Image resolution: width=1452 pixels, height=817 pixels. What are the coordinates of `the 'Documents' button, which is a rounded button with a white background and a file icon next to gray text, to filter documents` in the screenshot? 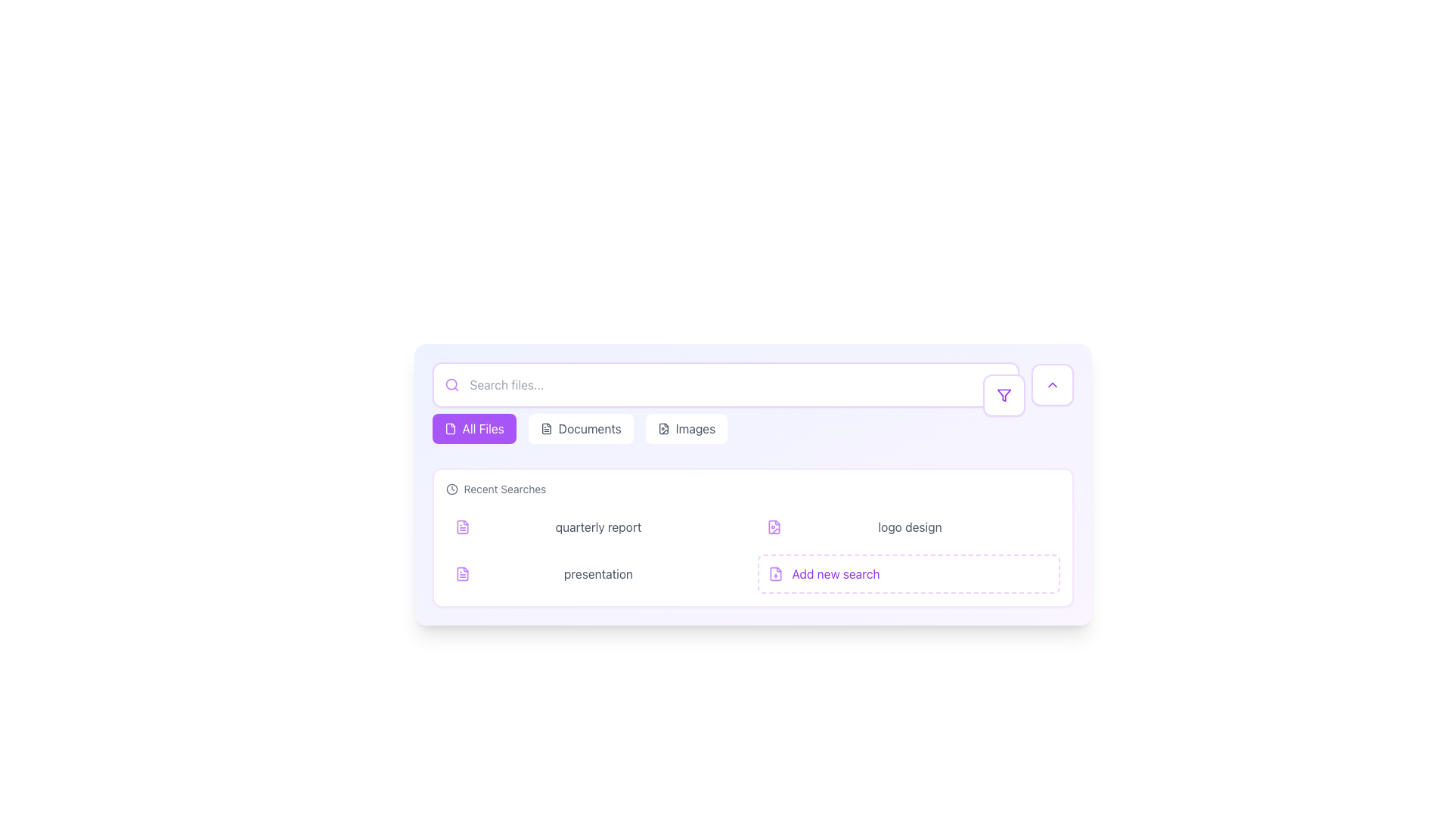 It's located at (580, 429).